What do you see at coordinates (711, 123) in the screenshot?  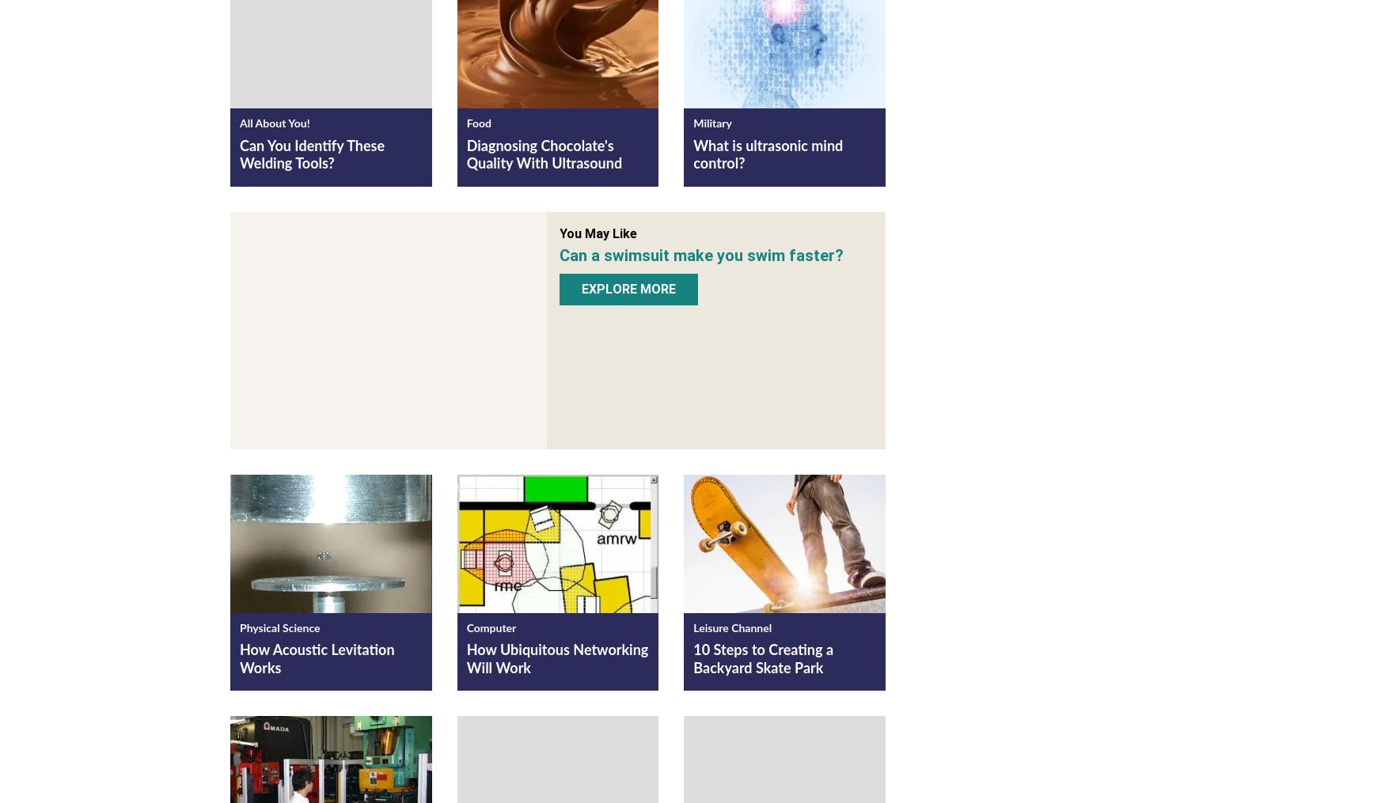 I see `'Military'` at bounding box center [711, 123].